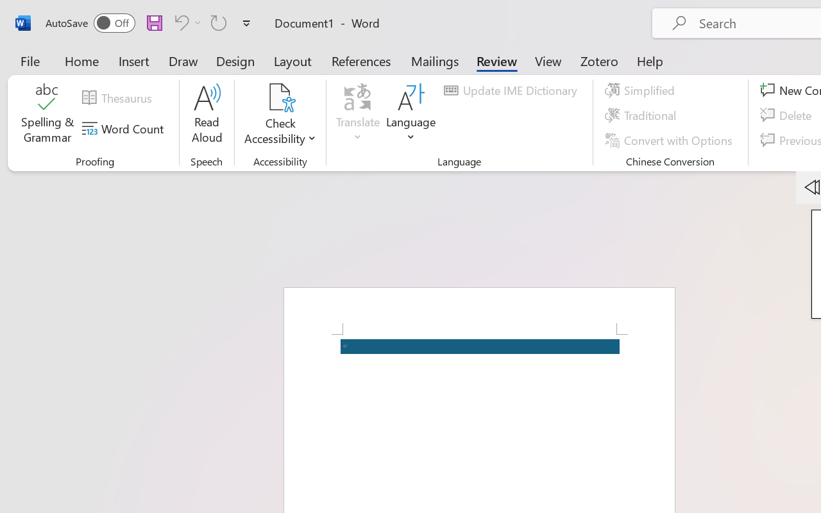 This screenshot has width=821, height=513. I want to click on 'Undo Apply Quick Style Set', so click(179, 22).